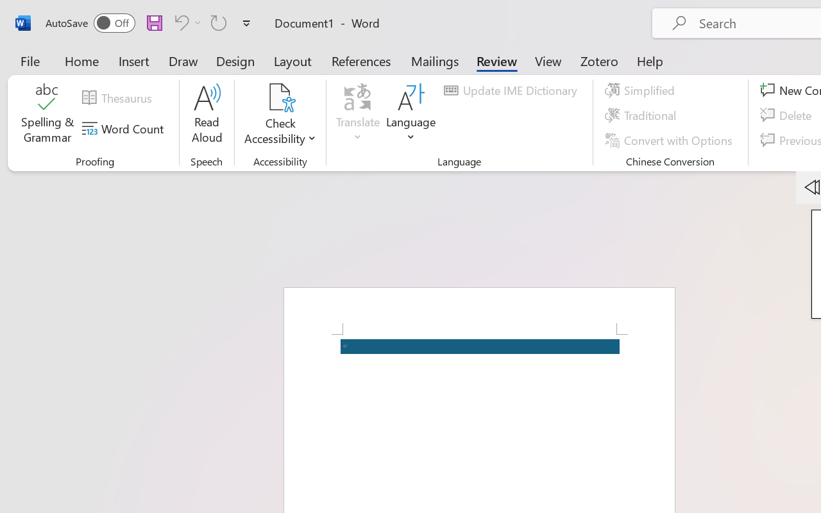 This screenshot has width=821, height=513. I want to click on 'Undo Apply Quick Style Set', so click(179, 22).